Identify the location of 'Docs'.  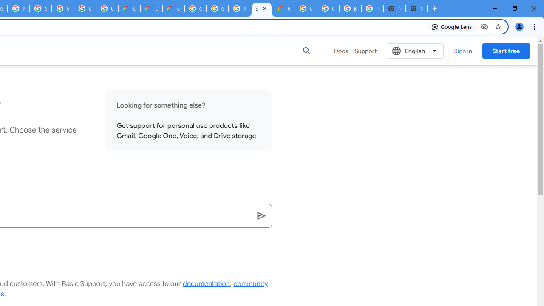
(341, 51).